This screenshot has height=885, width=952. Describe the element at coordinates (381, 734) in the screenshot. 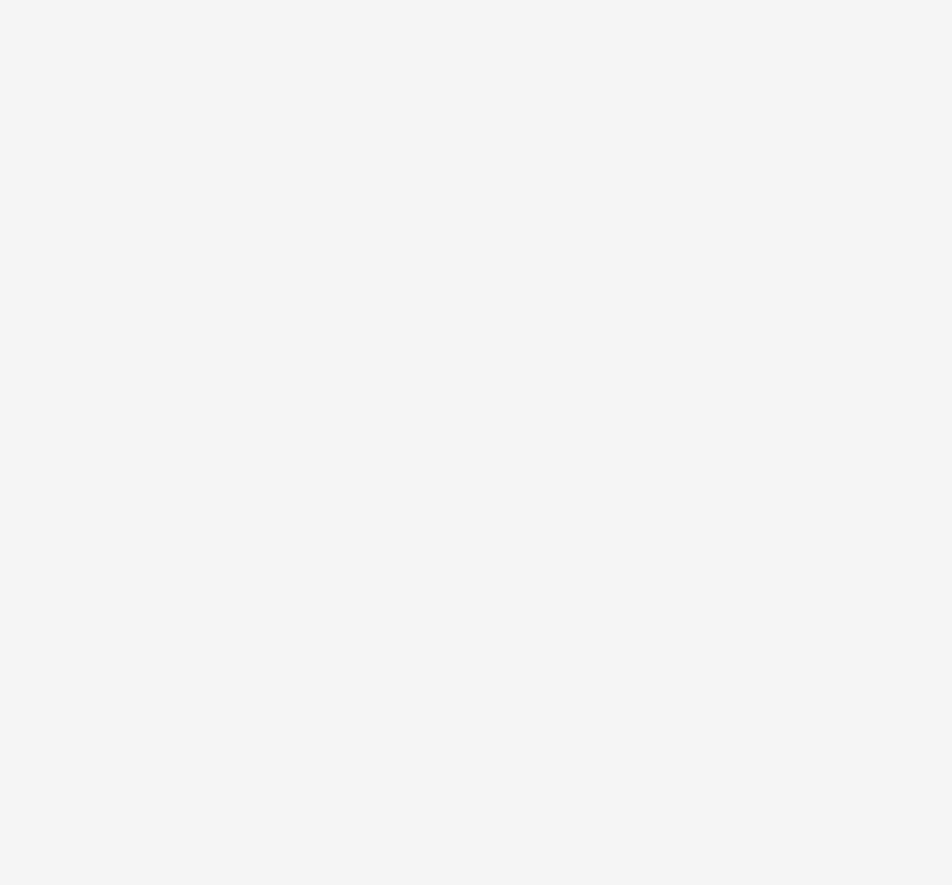

I see `'Rang Rasiya Colors of Passion kannada movie download 720p'` at that location.